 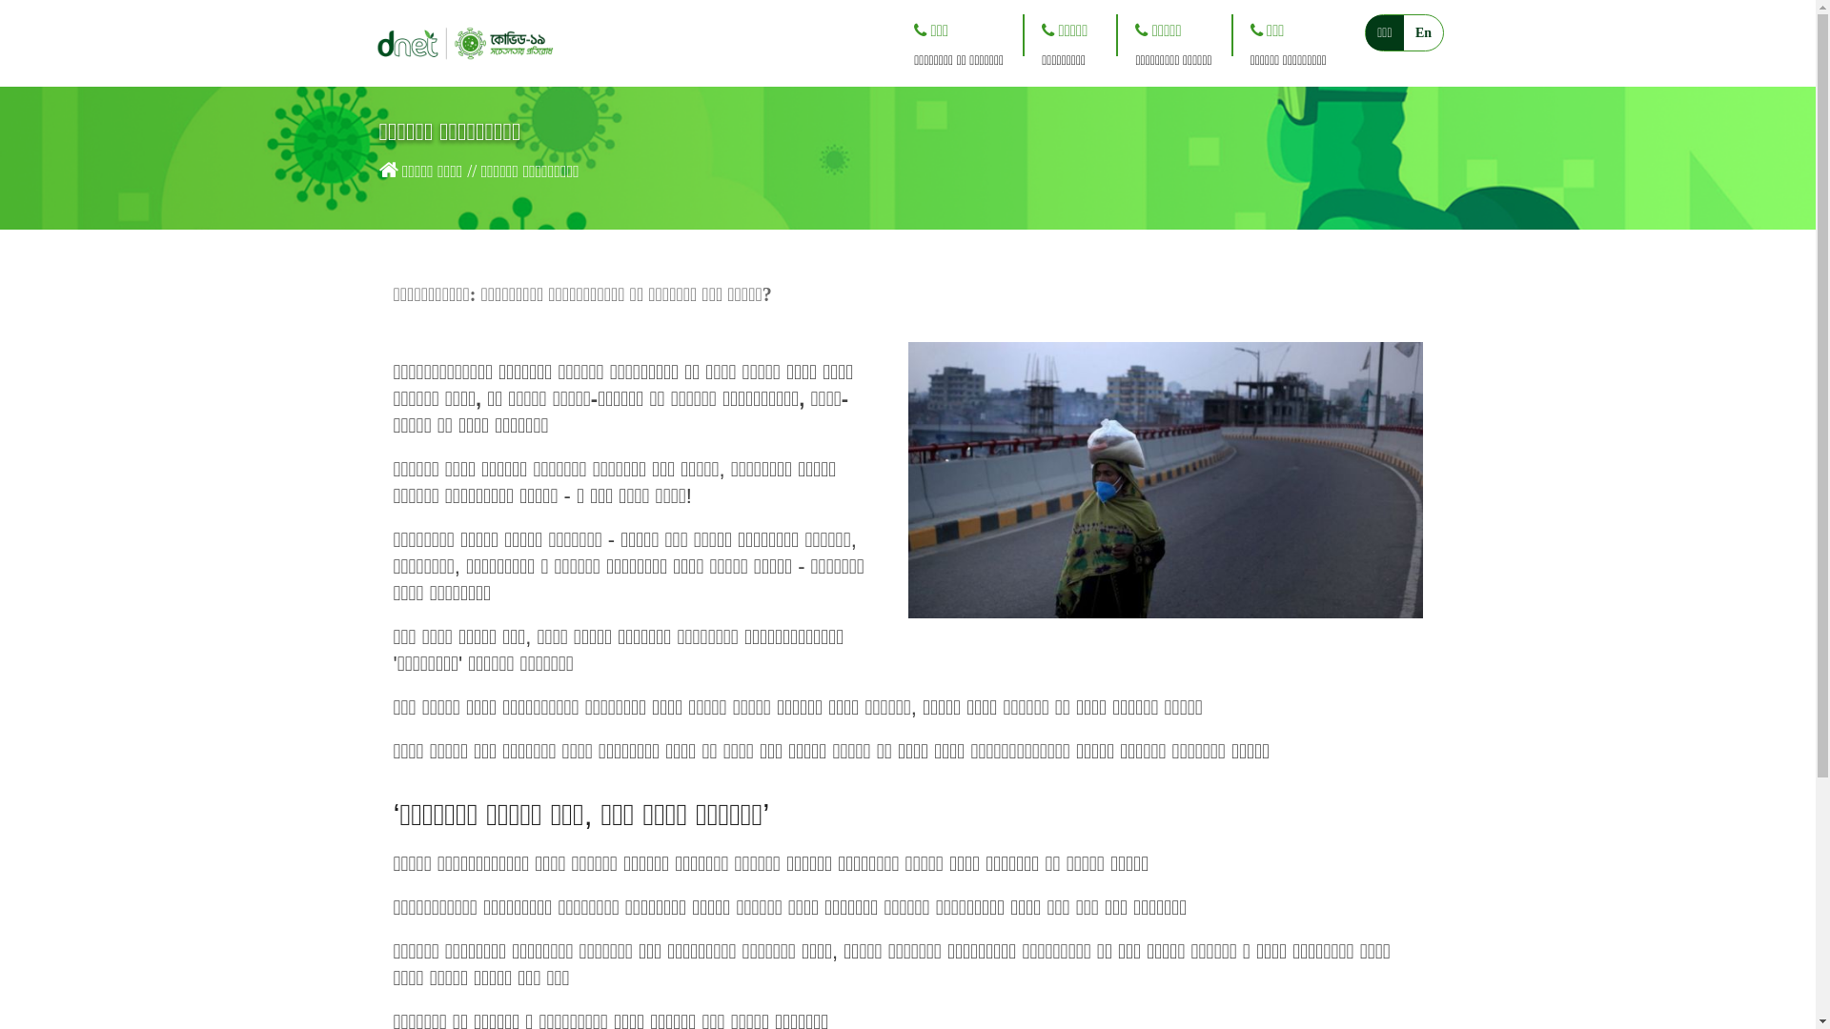 What do you see at coordinates (1423, 32) in the screenshot?
I see `'En'` at bounding box center [1423, 32].